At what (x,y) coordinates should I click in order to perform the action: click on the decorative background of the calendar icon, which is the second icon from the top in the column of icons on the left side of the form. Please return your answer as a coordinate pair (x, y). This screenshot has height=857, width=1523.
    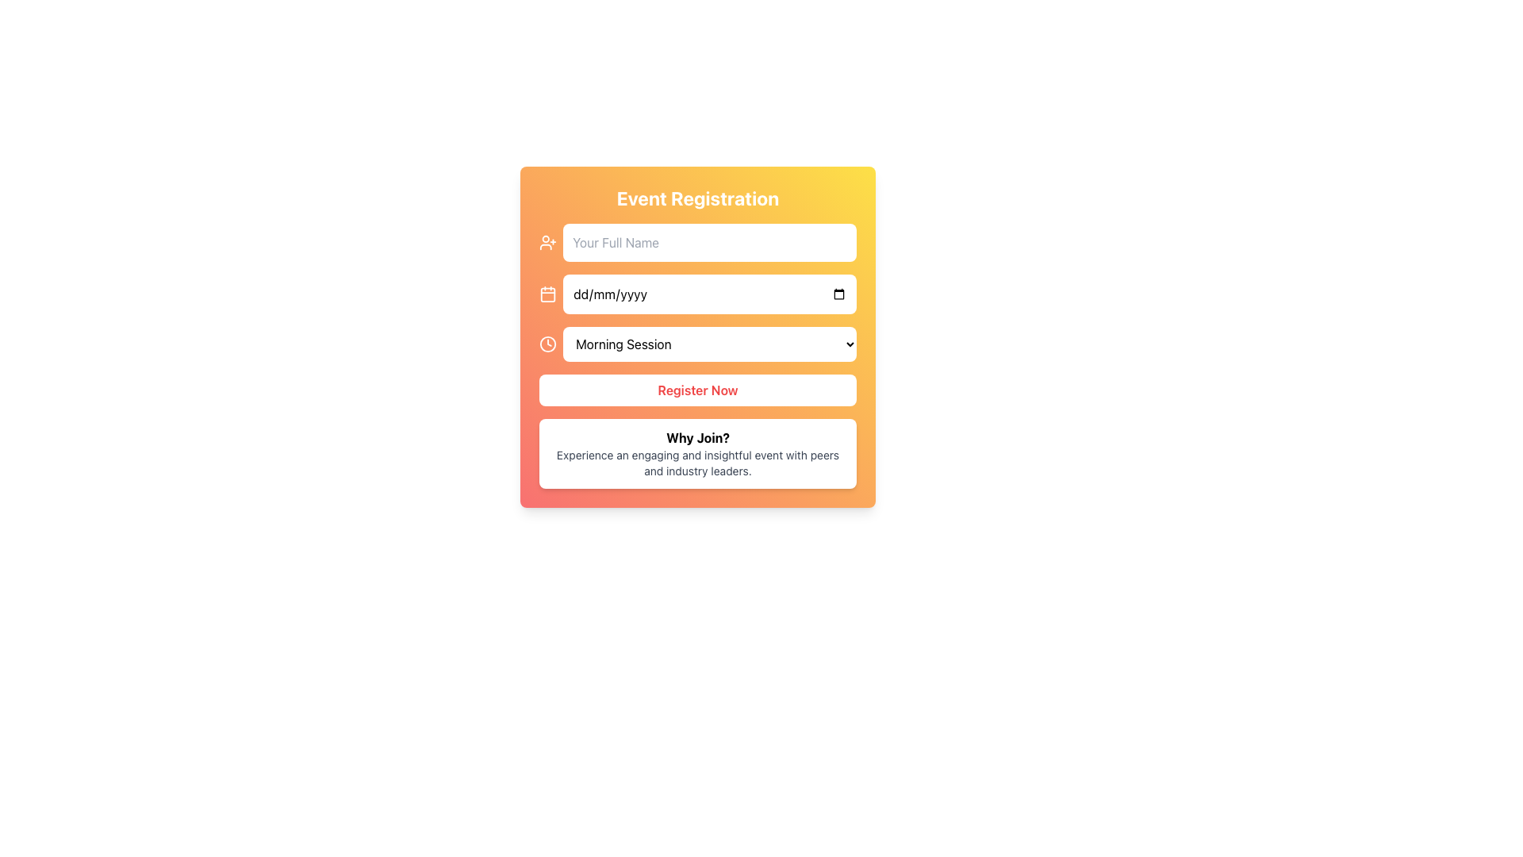
    Looking at the image, I should click on (548, 294).